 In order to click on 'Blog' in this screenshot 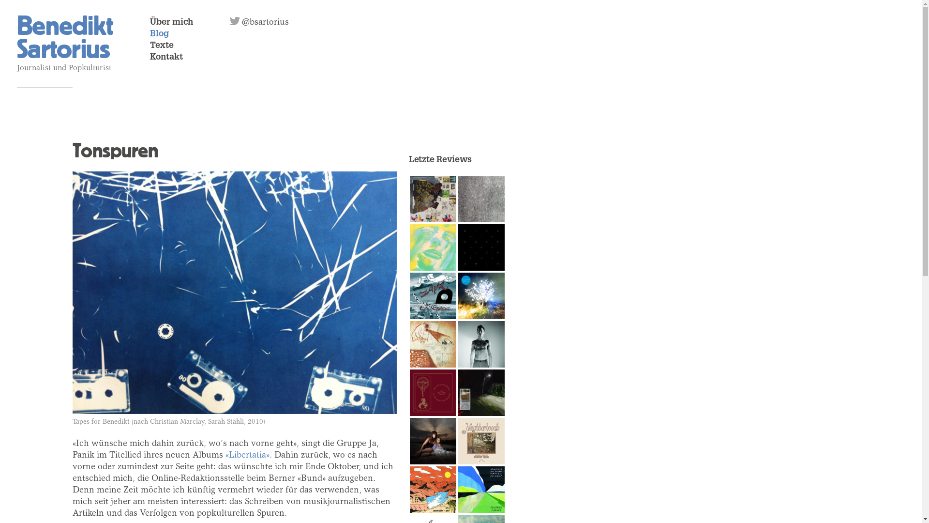, I will do `click(159, 33)`.